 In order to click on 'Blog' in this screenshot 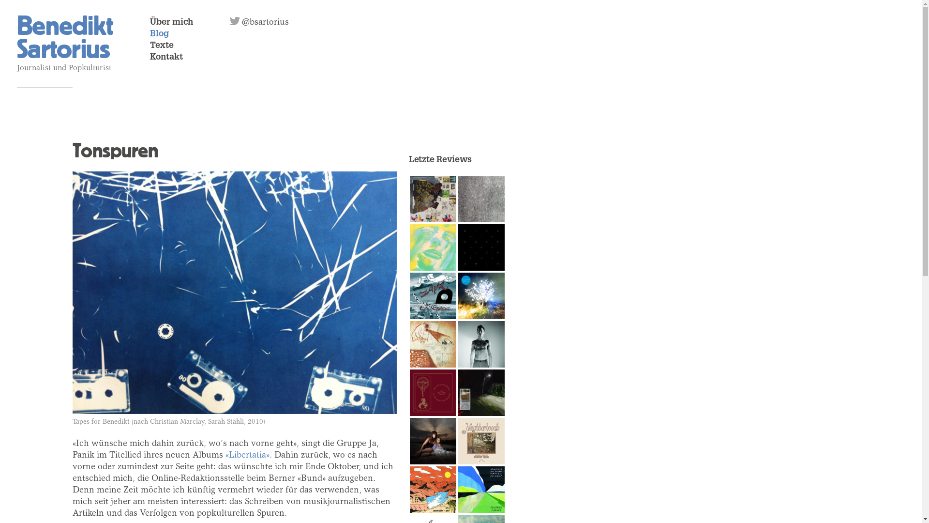, I will do `click(159, 33)`.